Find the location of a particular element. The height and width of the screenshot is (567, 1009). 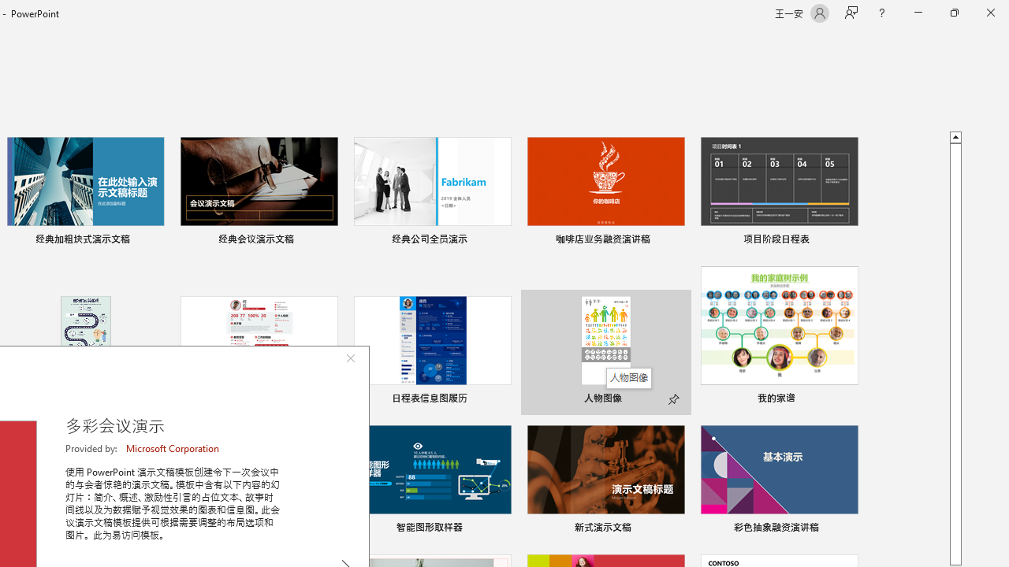

'Microsoft Corporation' is located at coordinates (173, 448).